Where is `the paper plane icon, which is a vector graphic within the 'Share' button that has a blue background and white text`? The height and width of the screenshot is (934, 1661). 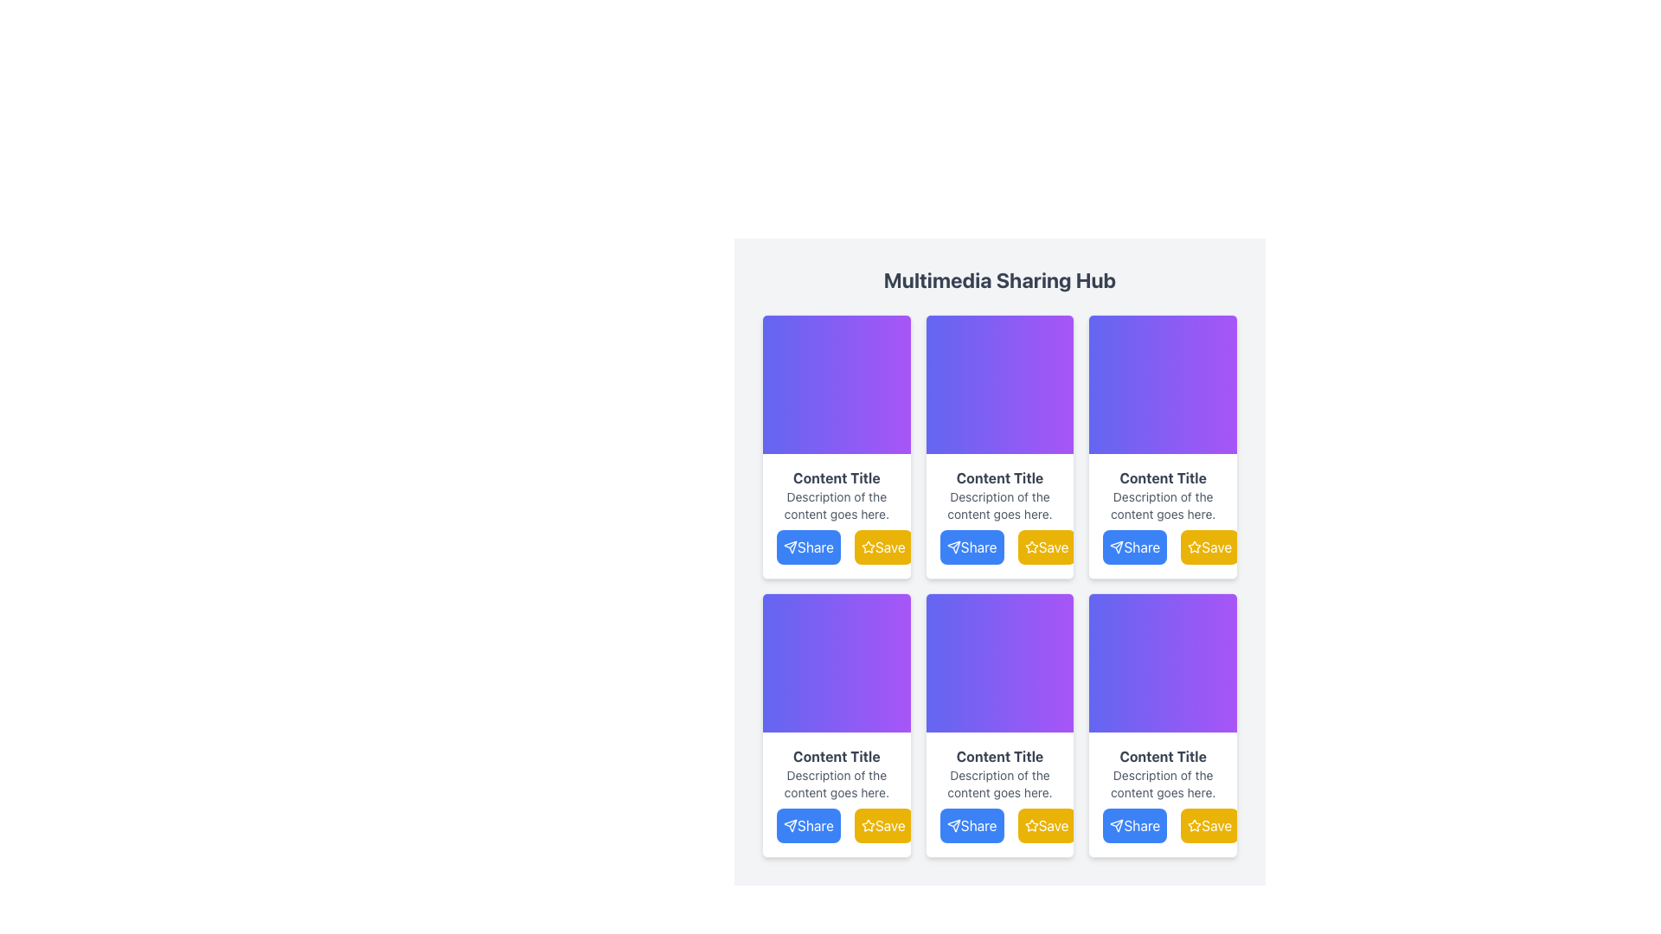
the paper plane icon, which is a vector graphic within the 'Share' button that has a blue background and white text is located at coordinates (952, 825).